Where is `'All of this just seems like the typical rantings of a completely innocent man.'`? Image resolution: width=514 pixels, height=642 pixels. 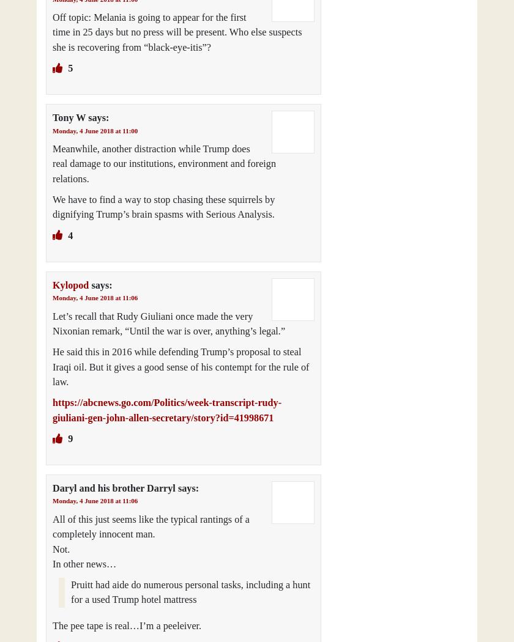 'All of this just seems like the typical rantings of a completely innocent man.' is located at coordinates (151, 526).